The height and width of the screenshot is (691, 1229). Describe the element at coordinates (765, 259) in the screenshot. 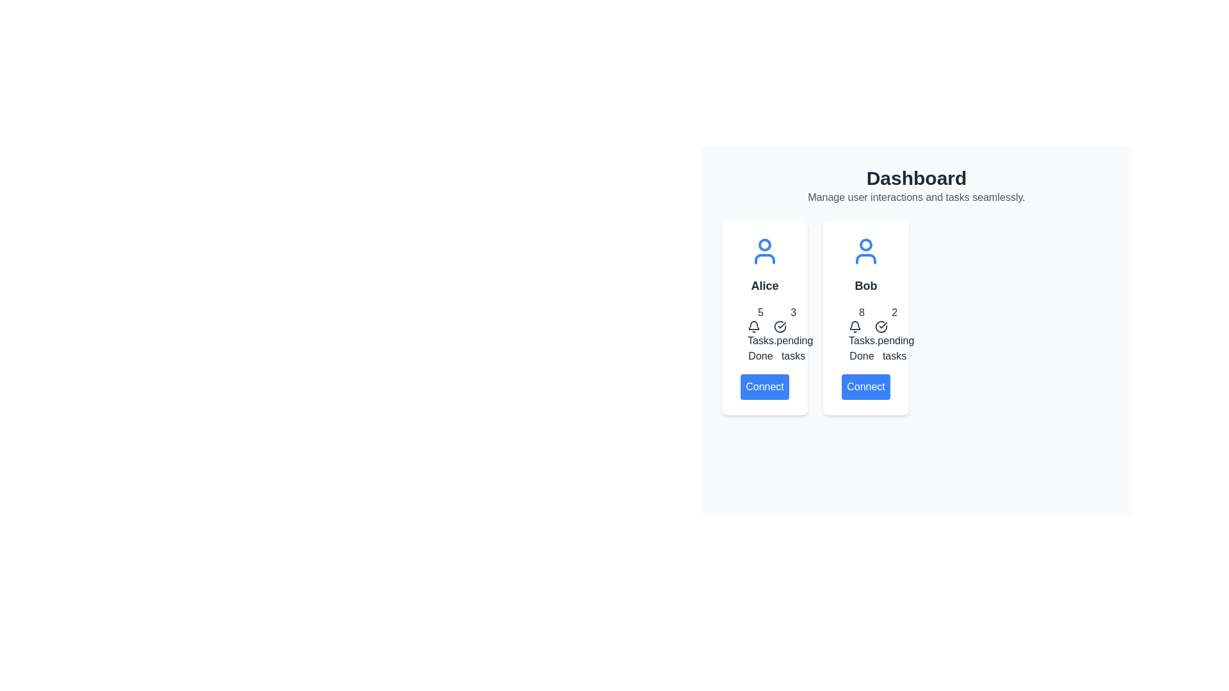

I see `the lower part of the blue user icon representing Alice, which is a curved line forming the base of a semi-complete silhouette` at that location.